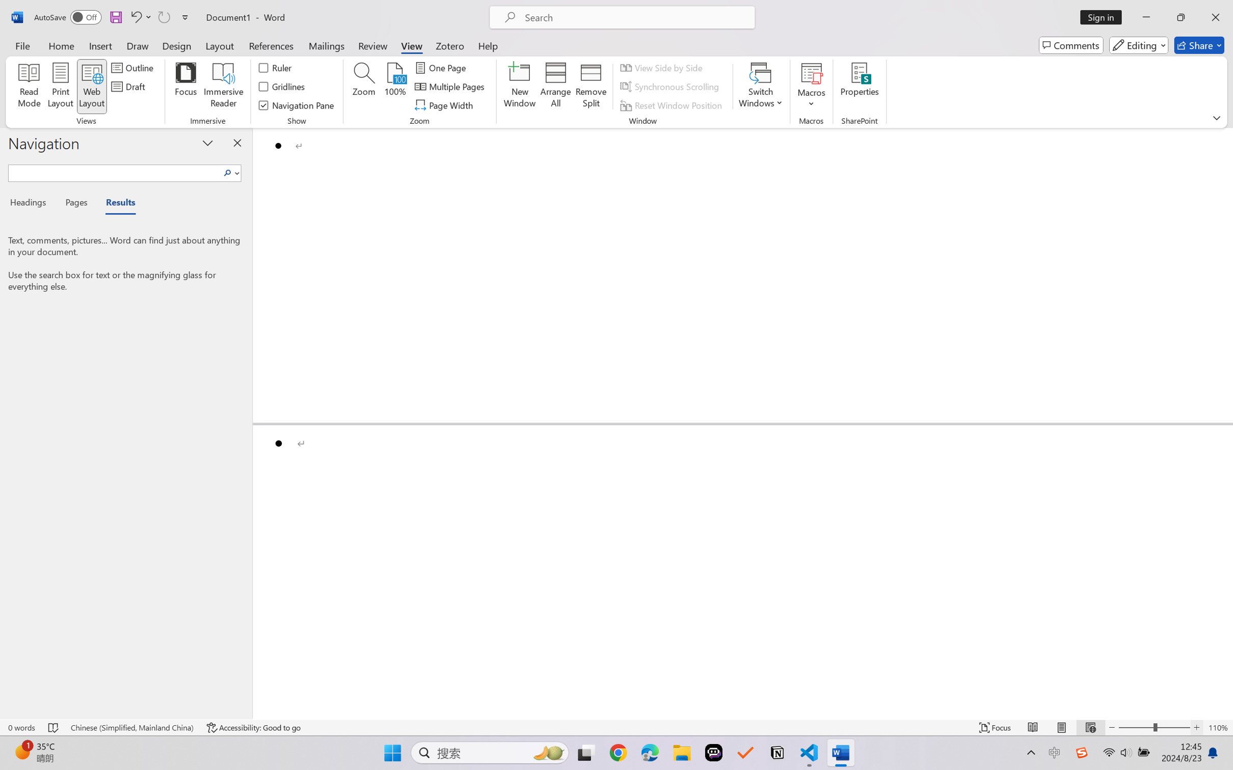  What do you see at coordinates (133, 67) in the screenshot?
I see `'Outline'` at bounding box center [133, 67].